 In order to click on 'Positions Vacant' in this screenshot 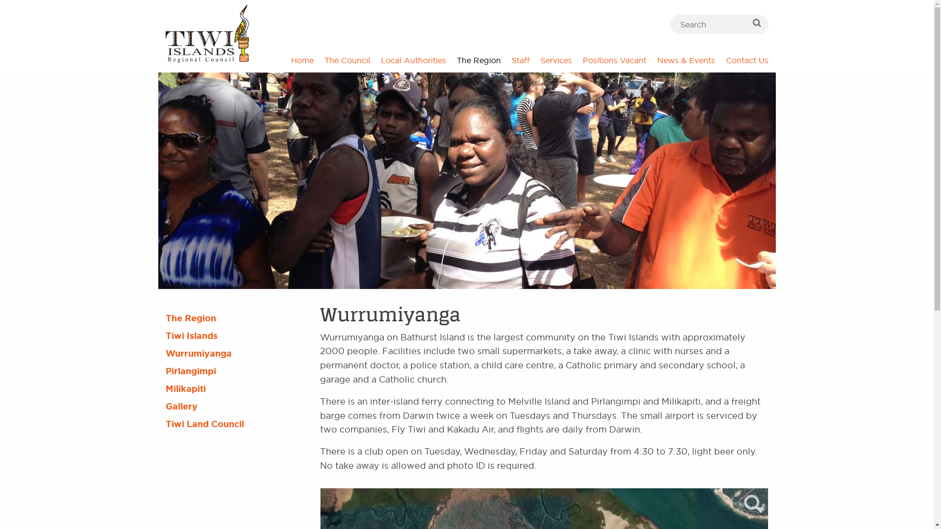, I will do `click(614, 60)`.